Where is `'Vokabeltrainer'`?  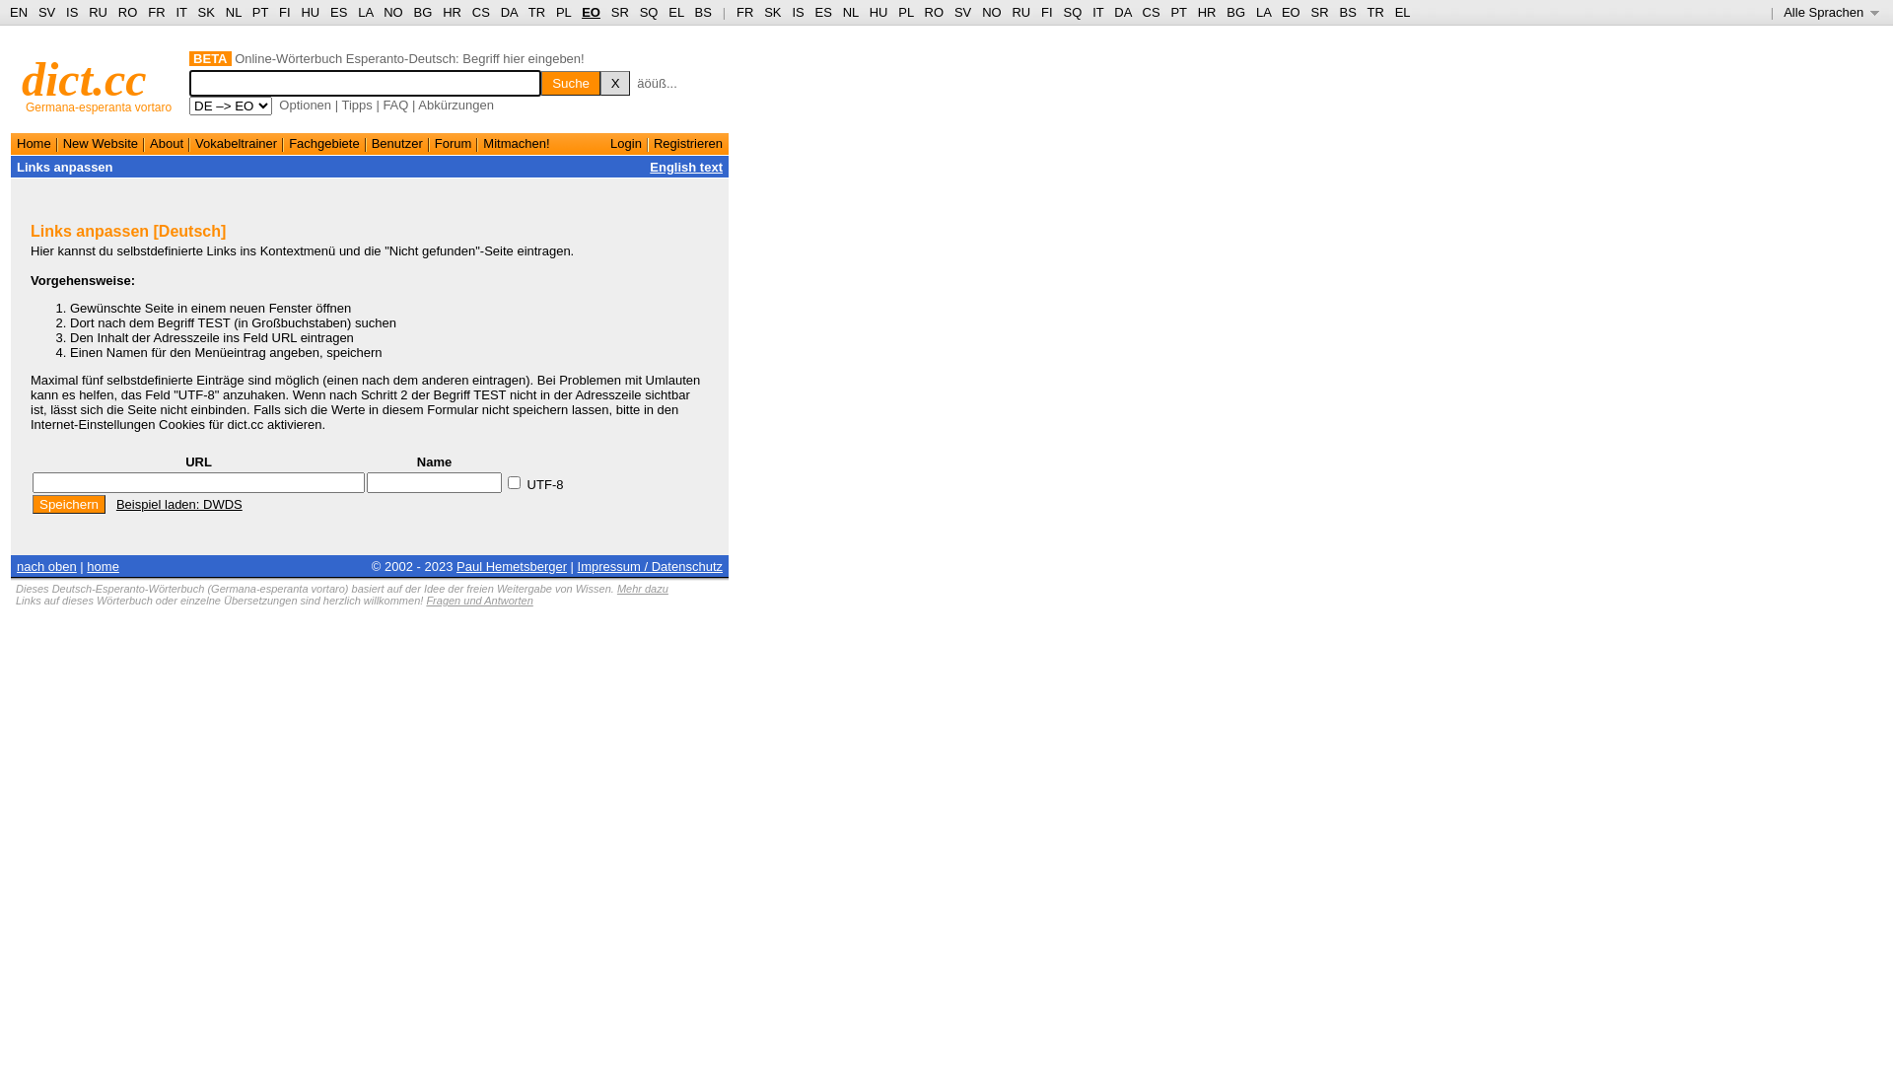 'Vokabeltrainer' is located at coordinates (236, 142).